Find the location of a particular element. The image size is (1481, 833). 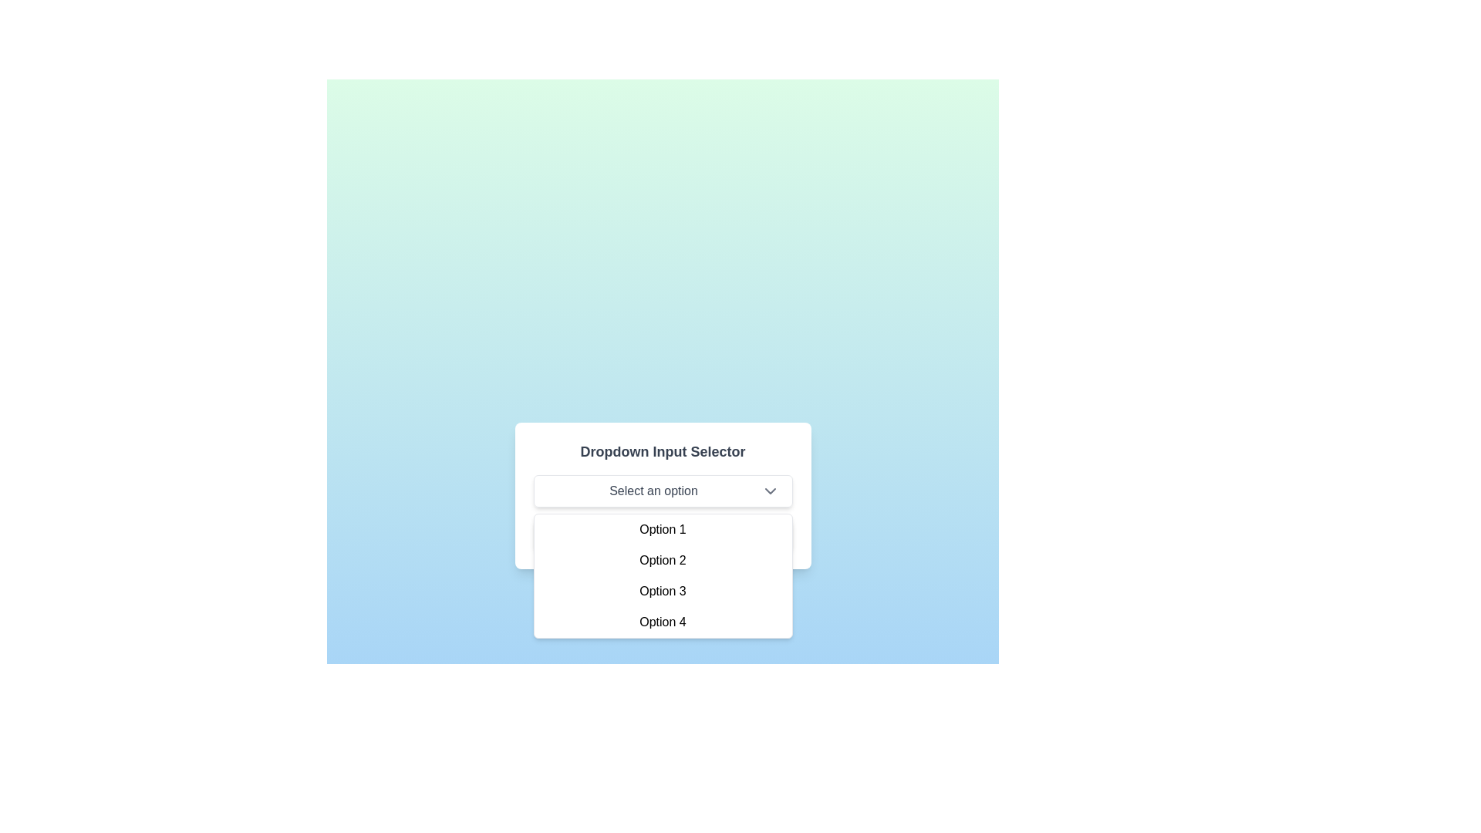

the header text 'Dropdown Input Selector', which is in bold, dark gray font and positioned at the top-center of the dropdown interface is located at coordinates (663, 451).